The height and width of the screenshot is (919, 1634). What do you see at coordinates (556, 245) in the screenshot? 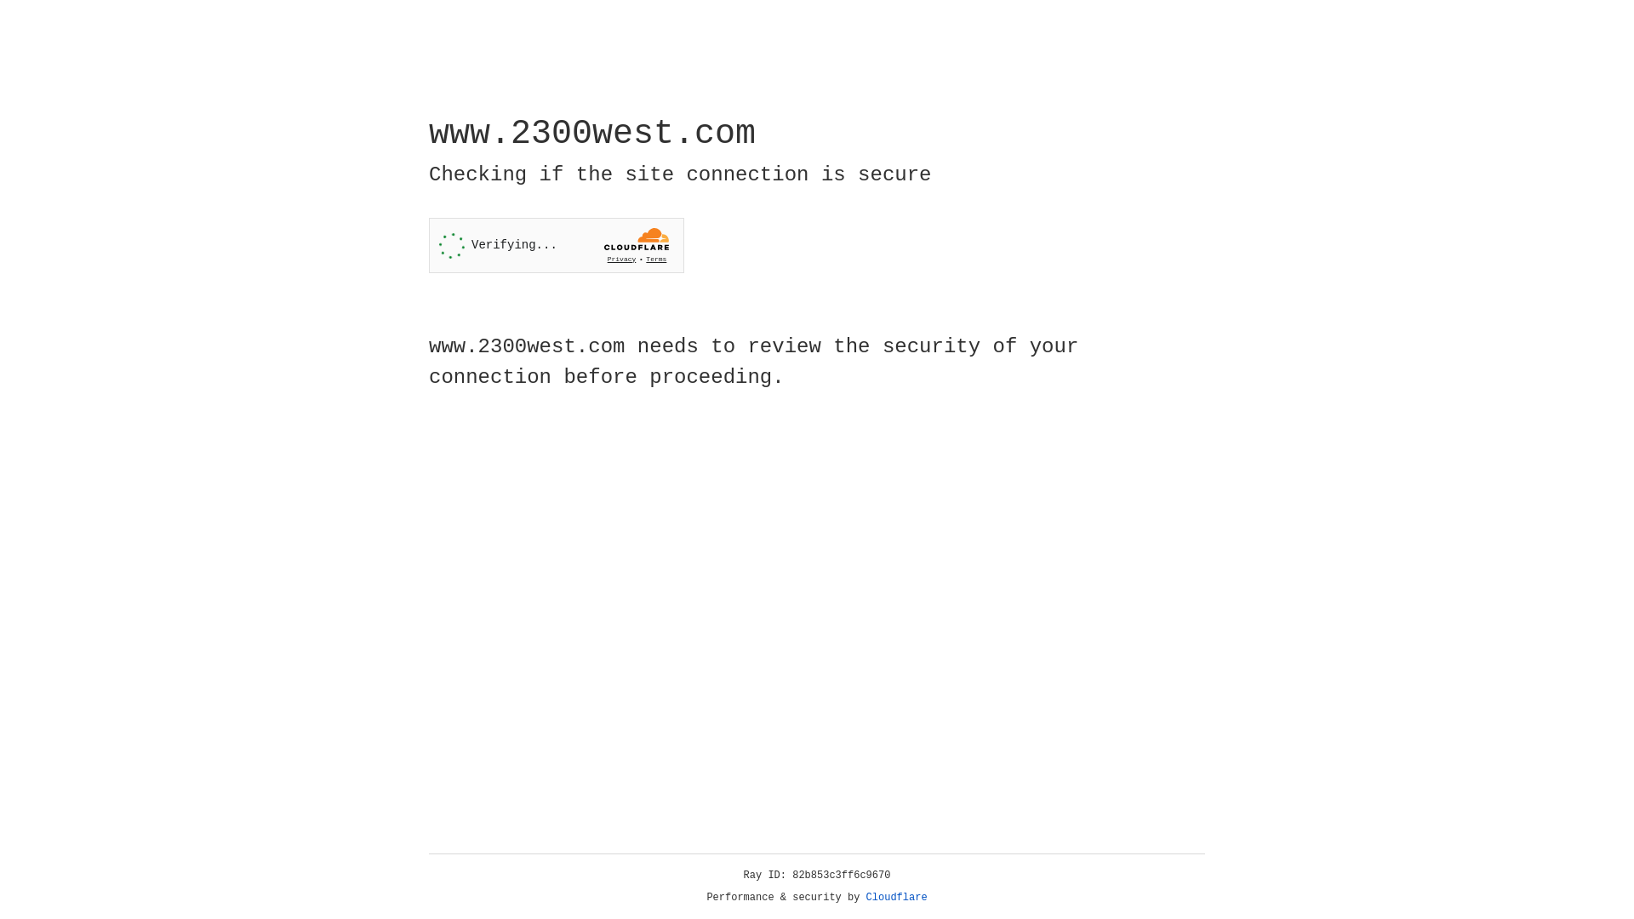
I see `'Widget containing a Cloudflare security challenge'` at bounding box center [556, 245].